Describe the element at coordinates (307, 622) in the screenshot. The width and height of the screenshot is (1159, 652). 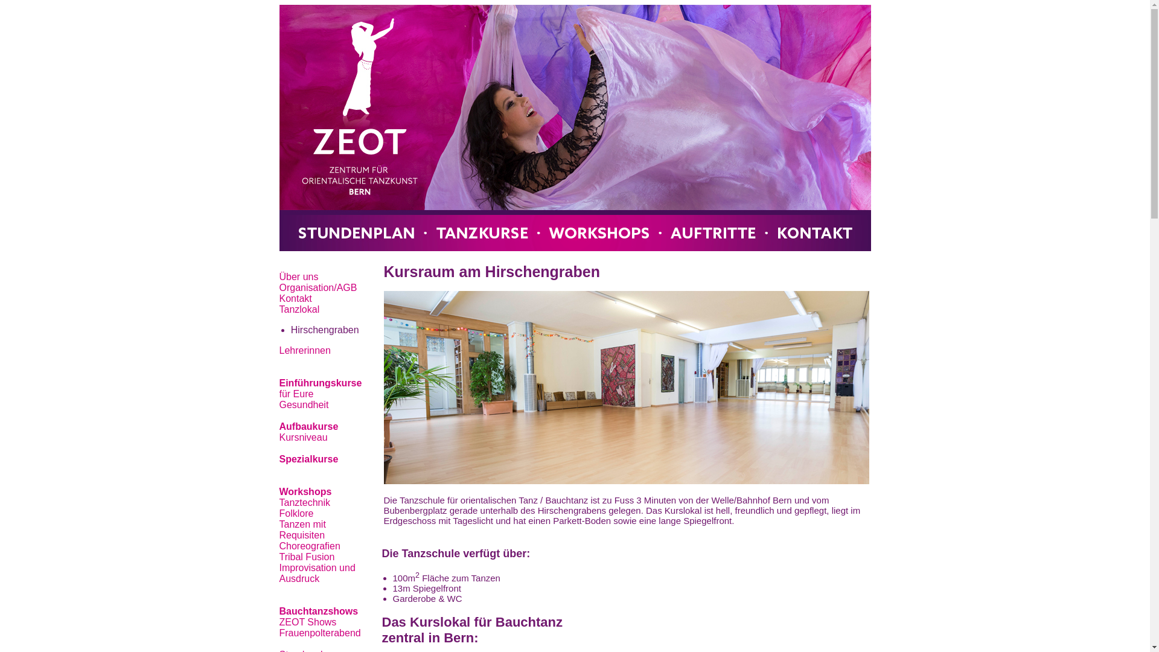
I see `'ZEOT Shows'` at that location.